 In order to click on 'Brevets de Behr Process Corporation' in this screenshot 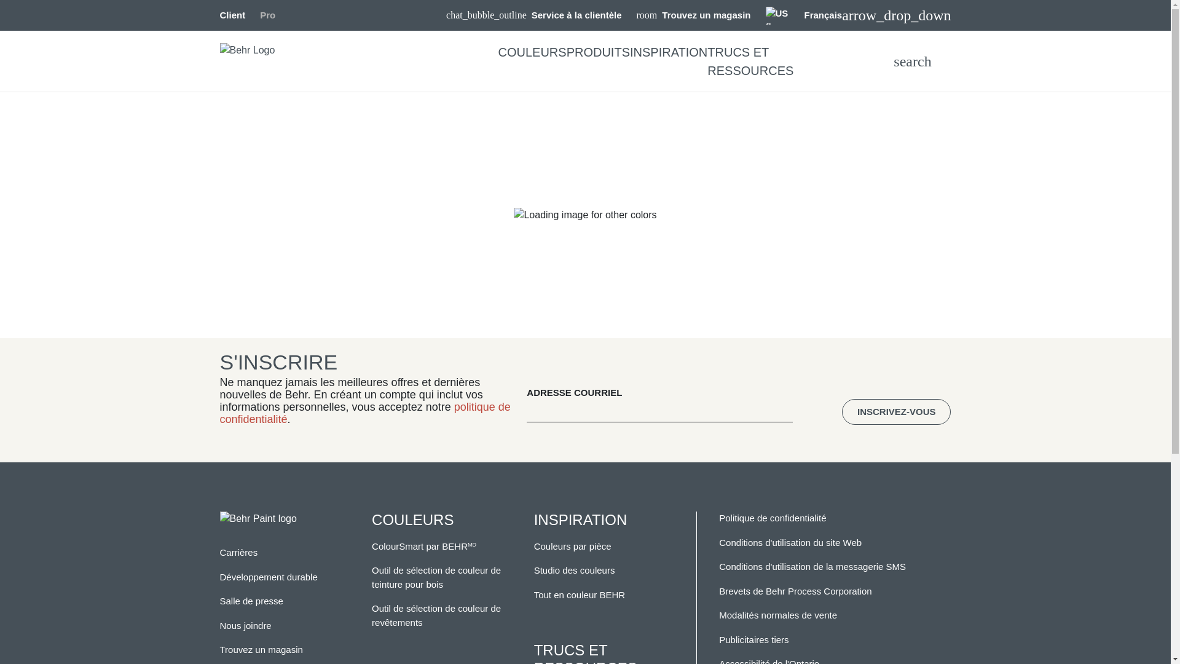, I will do `click(719, 590)`.